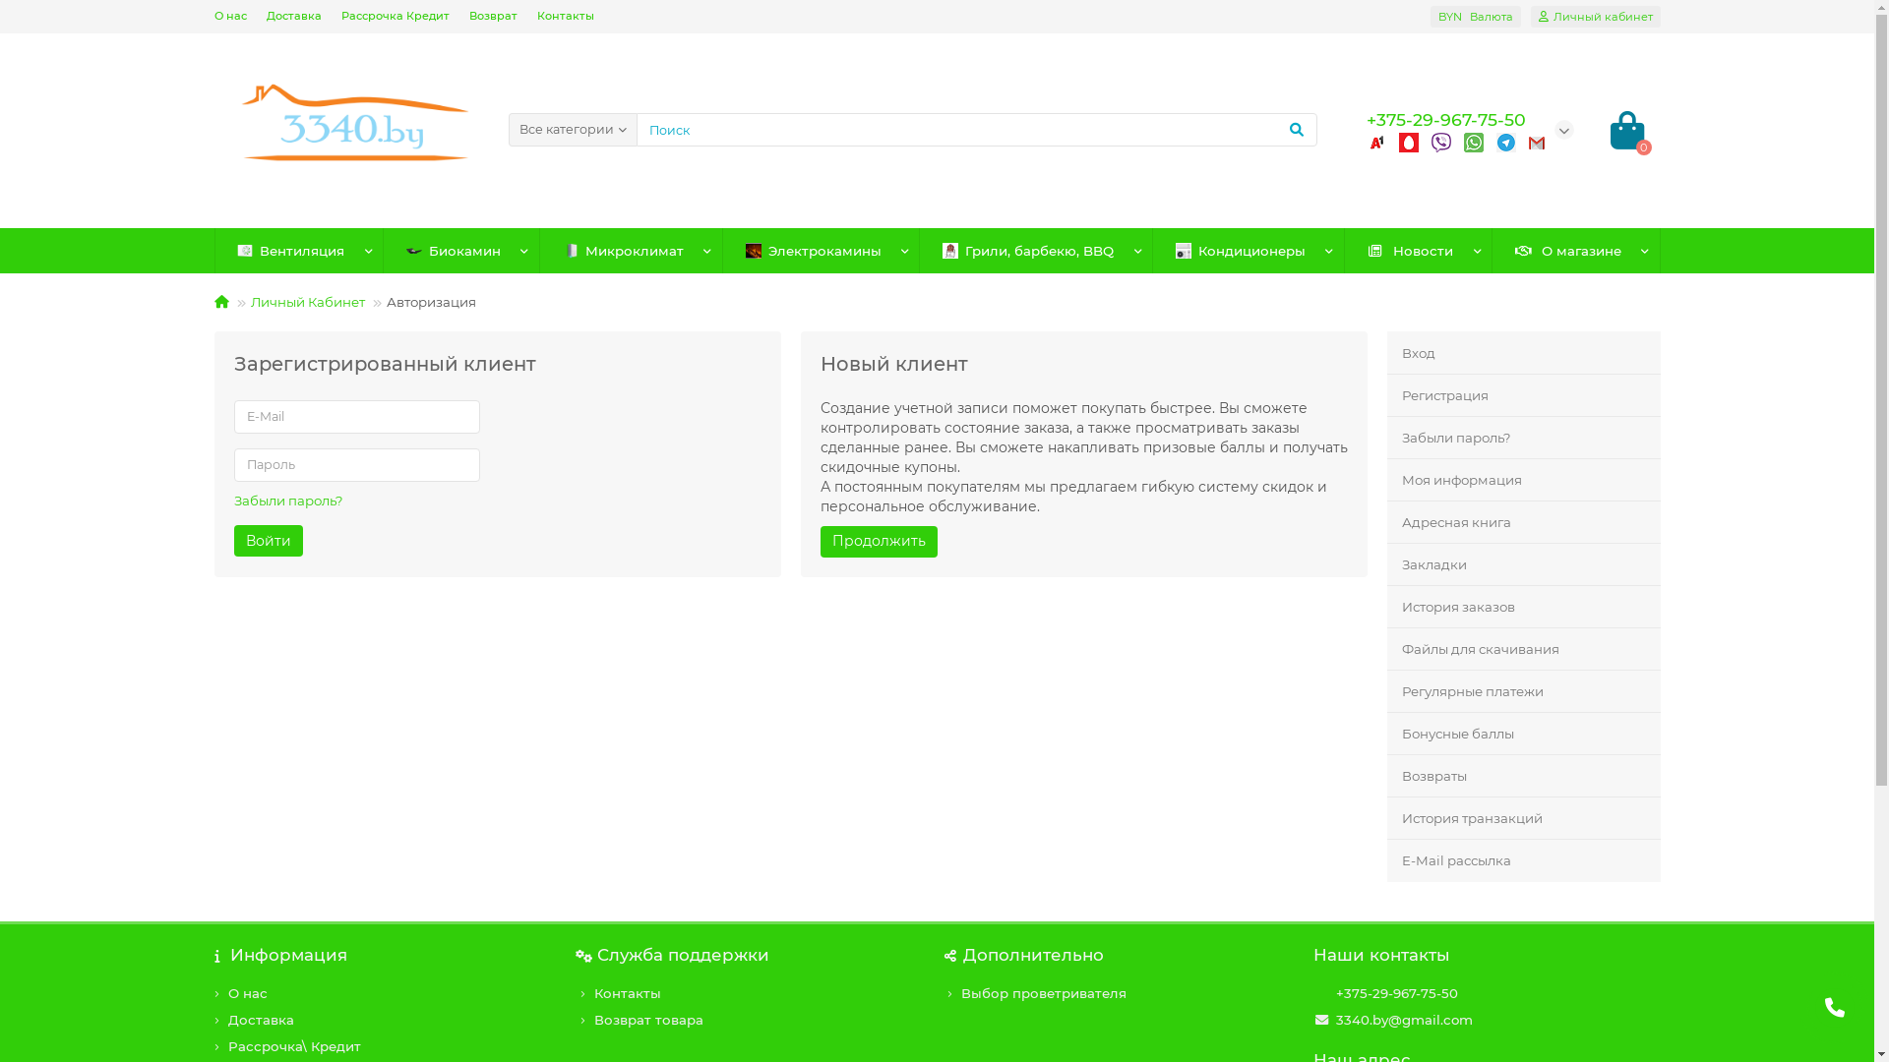 This screenshot has height=1062, width=1889. I want to click on '0', so click(1625, 130).